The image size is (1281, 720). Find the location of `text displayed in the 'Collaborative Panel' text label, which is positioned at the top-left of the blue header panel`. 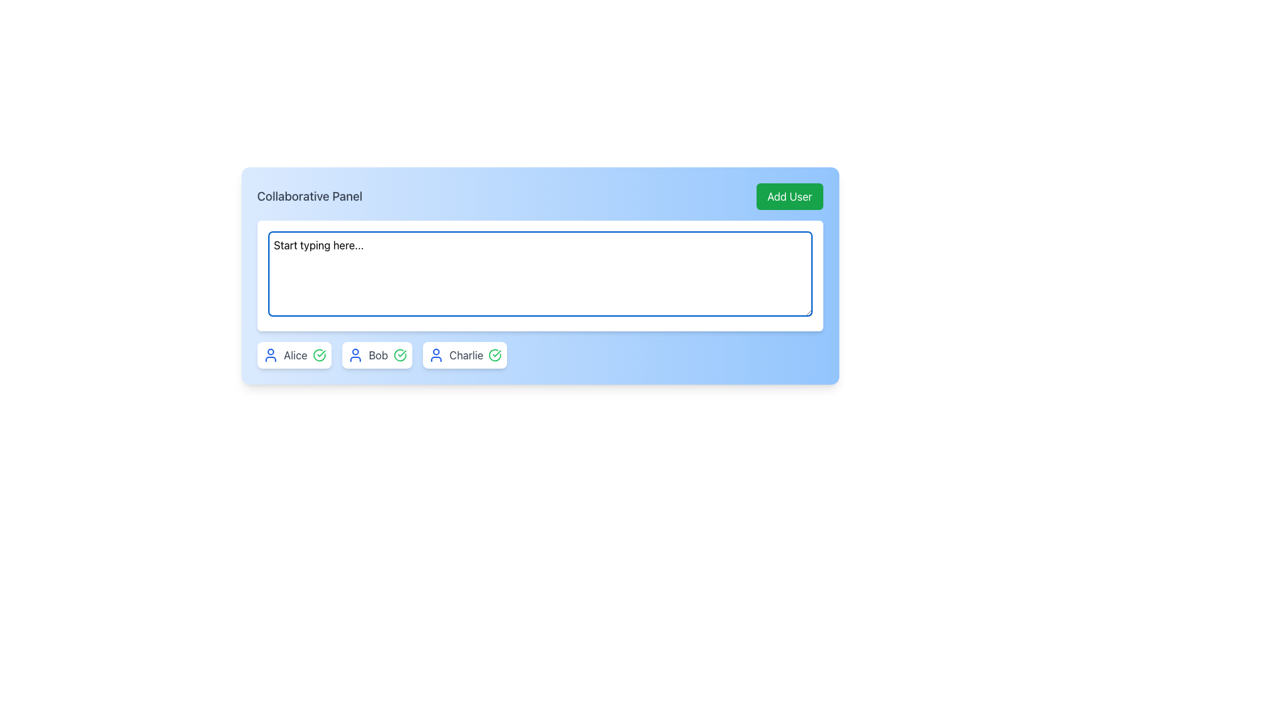

text displayed in the 'Collaborative Panel' text label, which is positioned at the top-left of the blue header panel is located at coordinates (309, 196).